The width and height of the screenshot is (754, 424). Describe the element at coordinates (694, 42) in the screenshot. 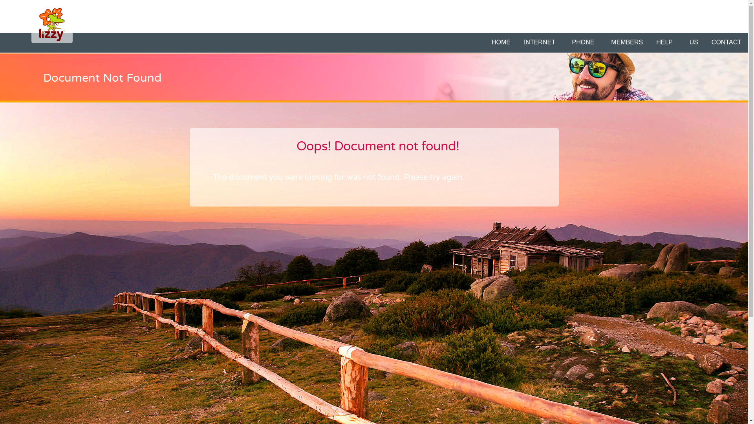

I see `'US'` at that location.